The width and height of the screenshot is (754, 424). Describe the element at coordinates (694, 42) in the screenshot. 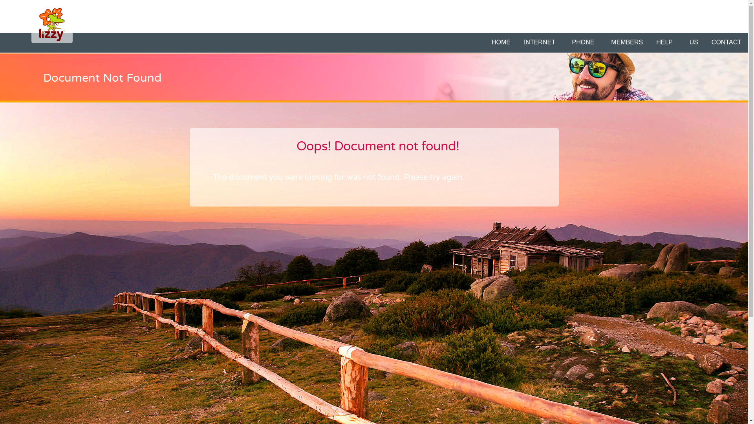

I see `'US'` at that location.